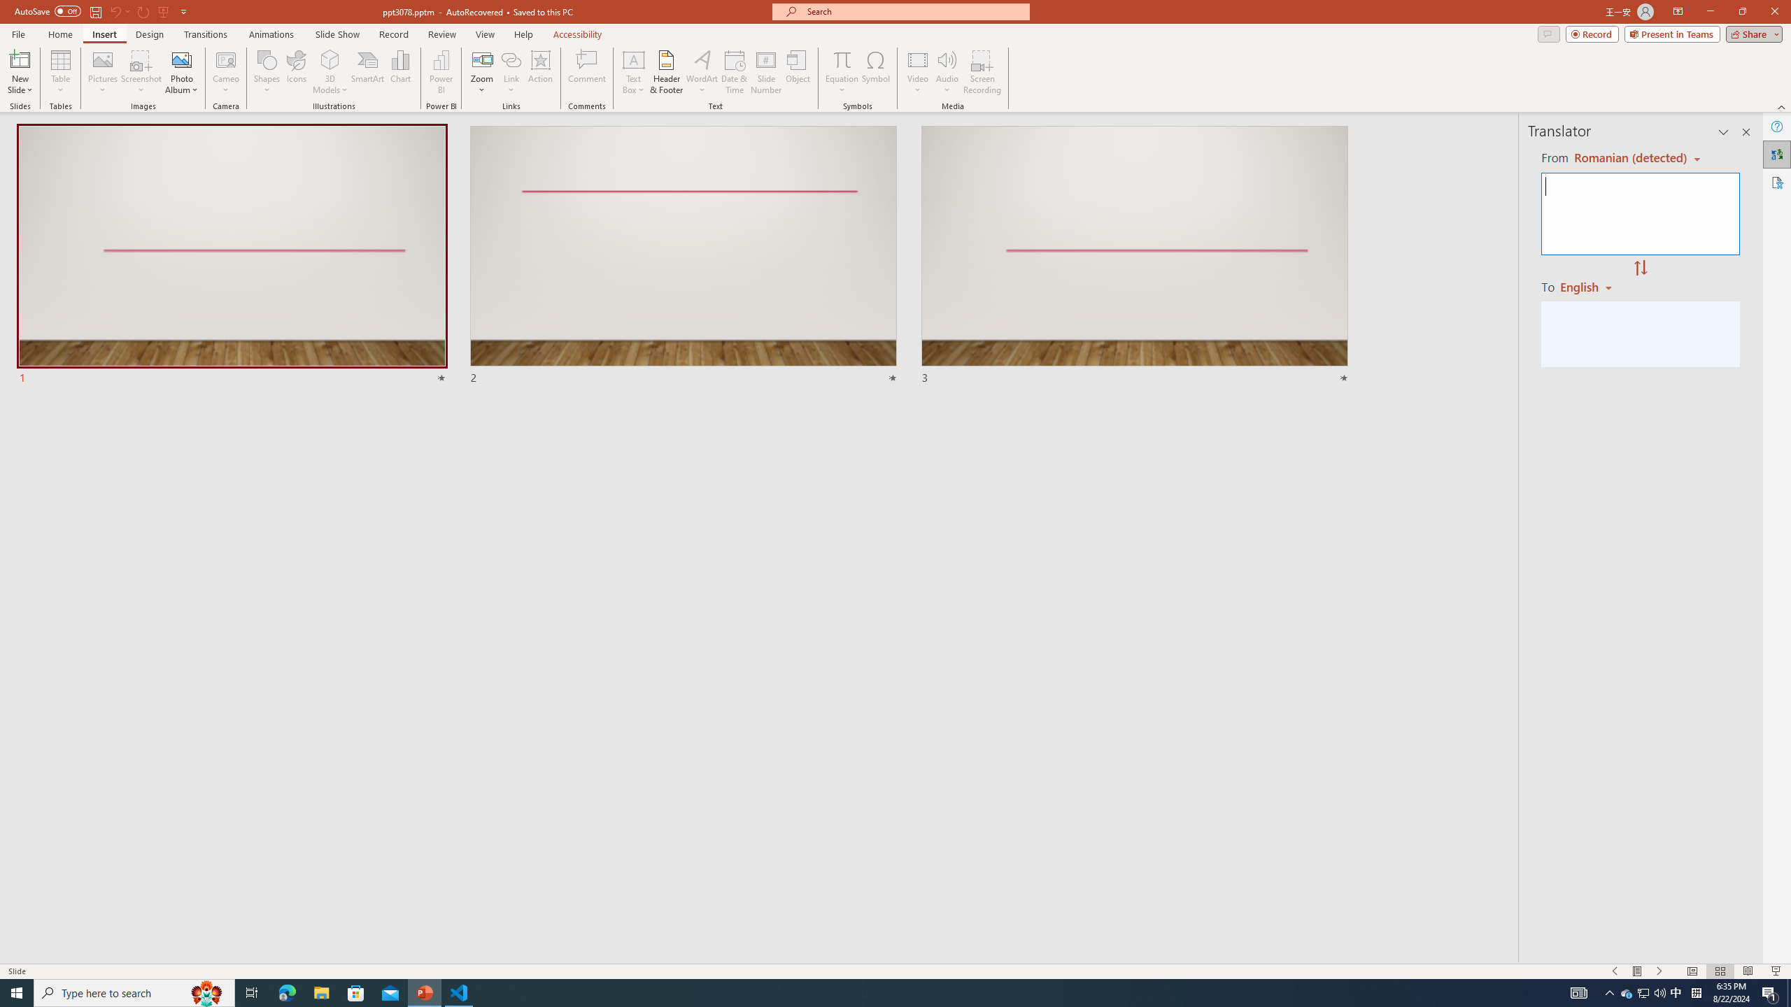 Image resolution: width=1791 pixels, height=1007 pixels. I want to click on 'Menu On', so click(1637, 971).